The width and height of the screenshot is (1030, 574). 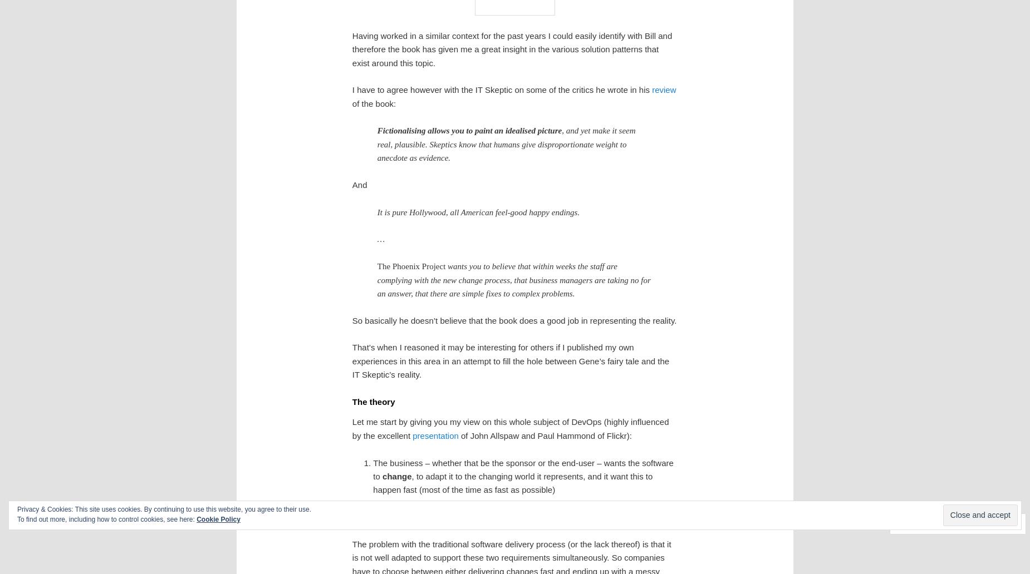 What do you see at coordinates (478, 212) in the screenshot?
I see `'It is pure Hollywood, all American feel-good happy endings.'` at bounding box center [478, 212].